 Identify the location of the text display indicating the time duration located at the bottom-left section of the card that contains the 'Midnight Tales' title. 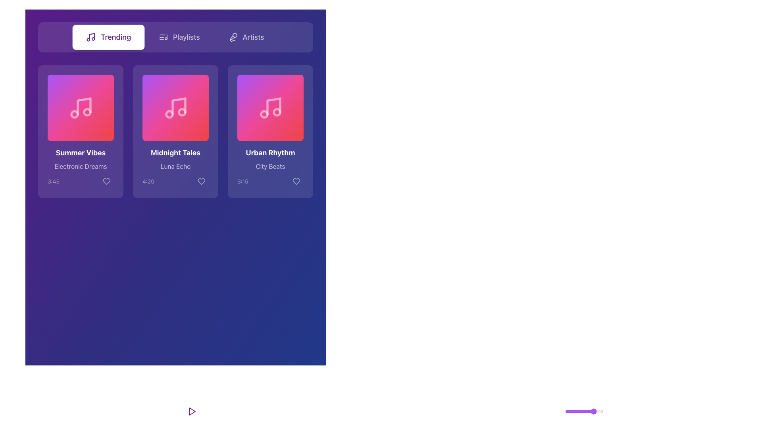
(148, 181).